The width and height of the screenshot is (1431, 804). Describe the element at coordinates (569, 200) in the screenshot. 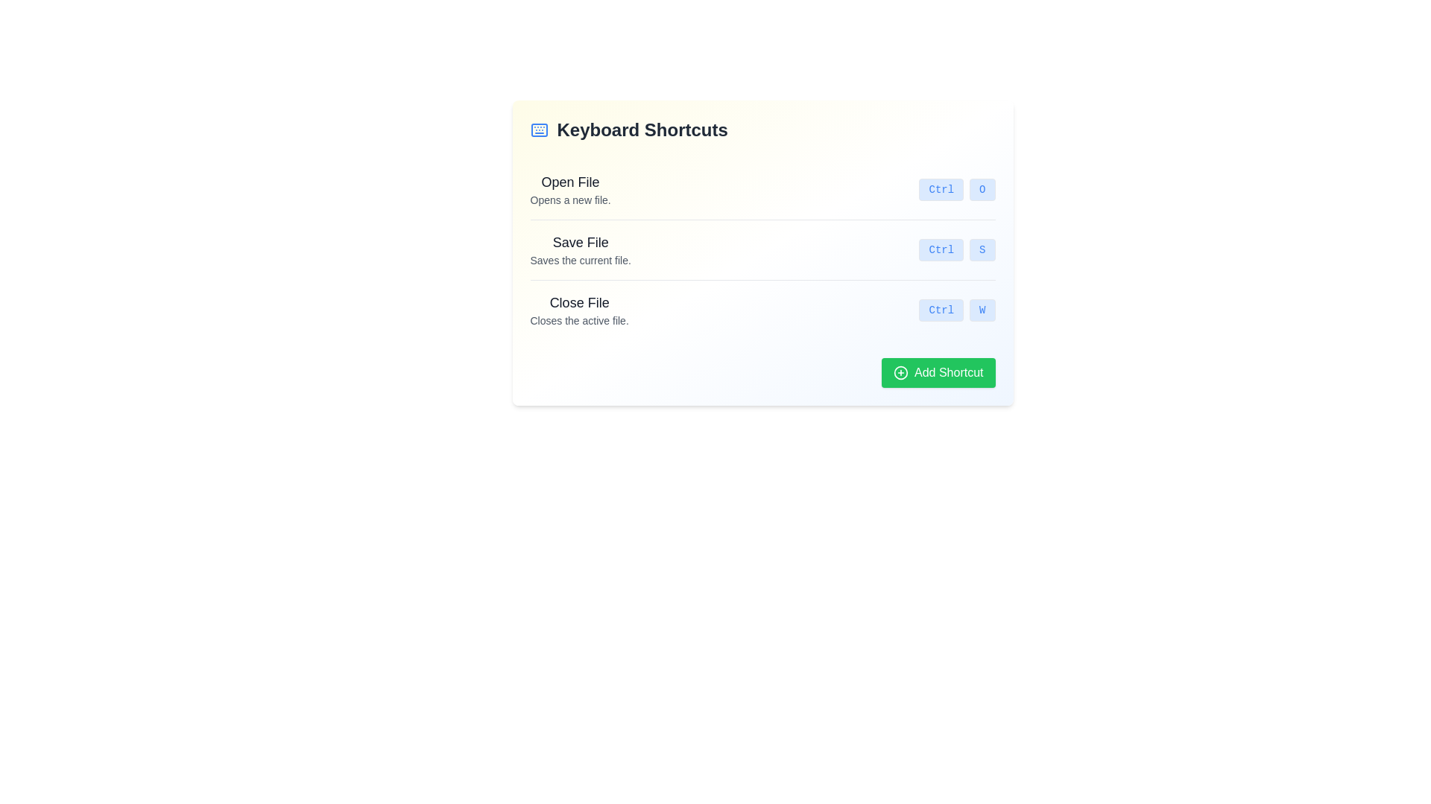

I see `tooltip-like description text located directly beneath the 'Open File' header in the 'Keyboard Shortcuts' section` at that location.